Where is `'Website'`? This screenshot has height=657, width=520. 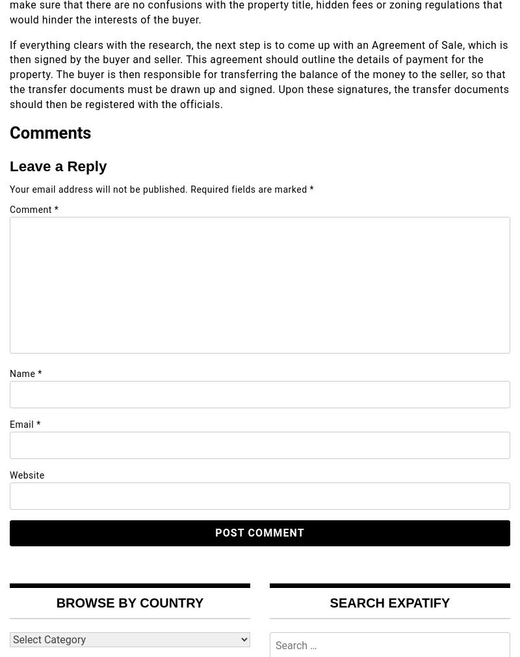 'Website' is located at coordinates (26, 475).